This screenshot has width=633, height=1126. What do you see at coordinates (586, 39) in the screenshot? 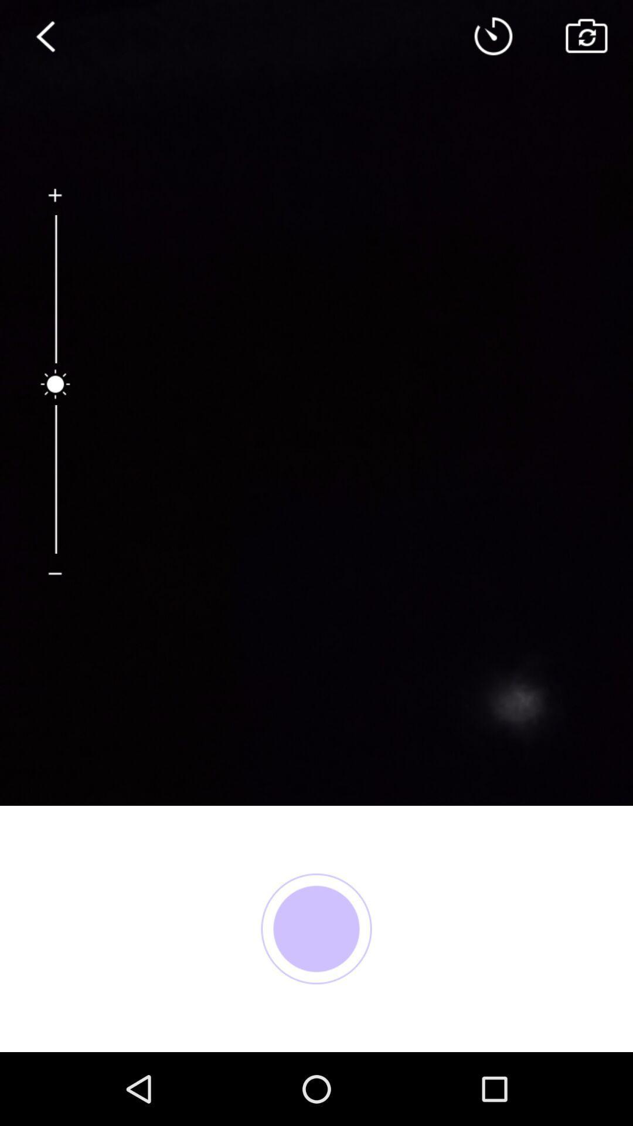
I see `the photo icon` at bounding box center [586, 39].